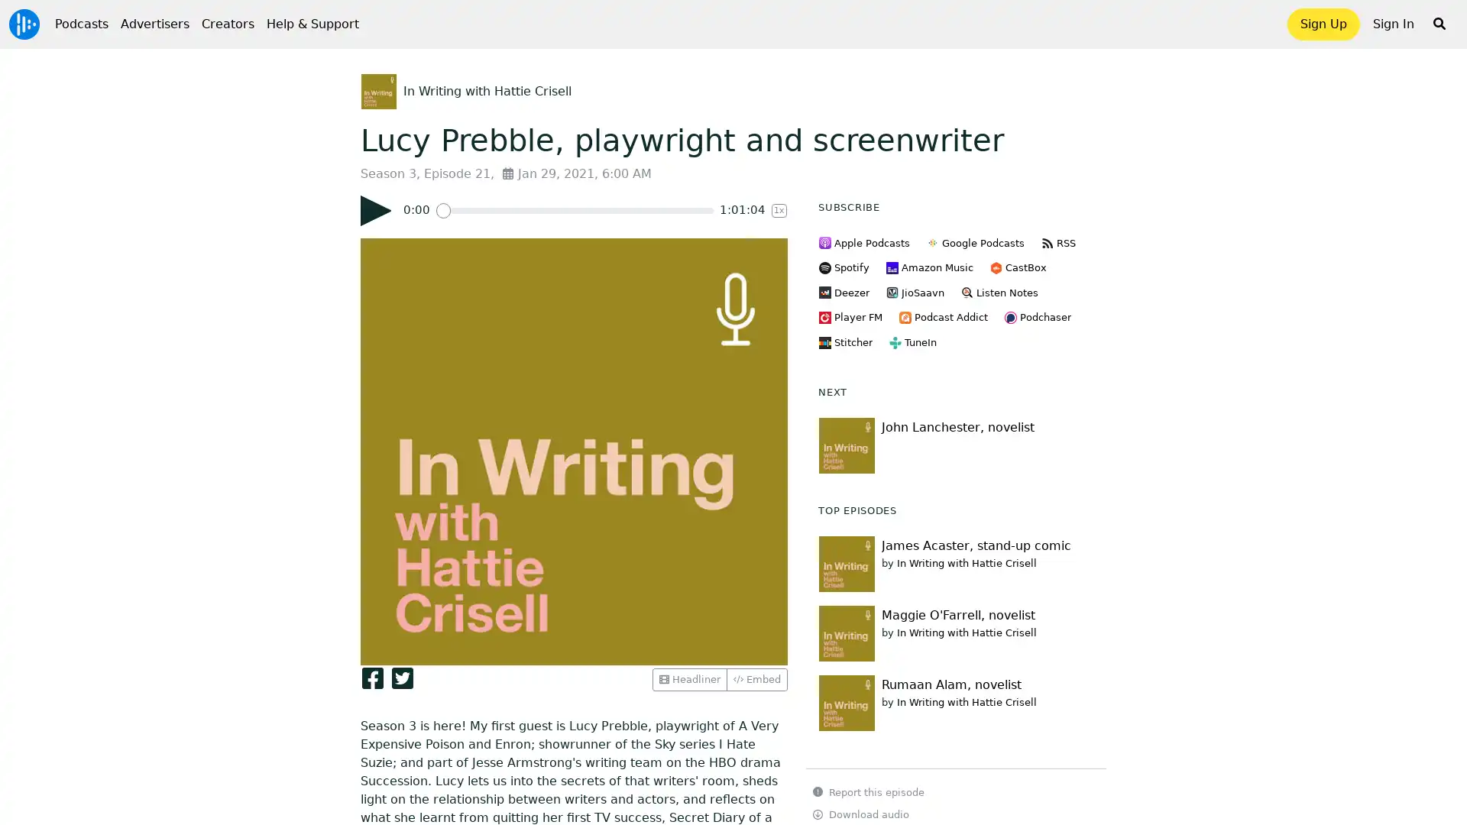  Describe the element at coordinates (779, 210) in the screenshot. I see `1x` at that location.